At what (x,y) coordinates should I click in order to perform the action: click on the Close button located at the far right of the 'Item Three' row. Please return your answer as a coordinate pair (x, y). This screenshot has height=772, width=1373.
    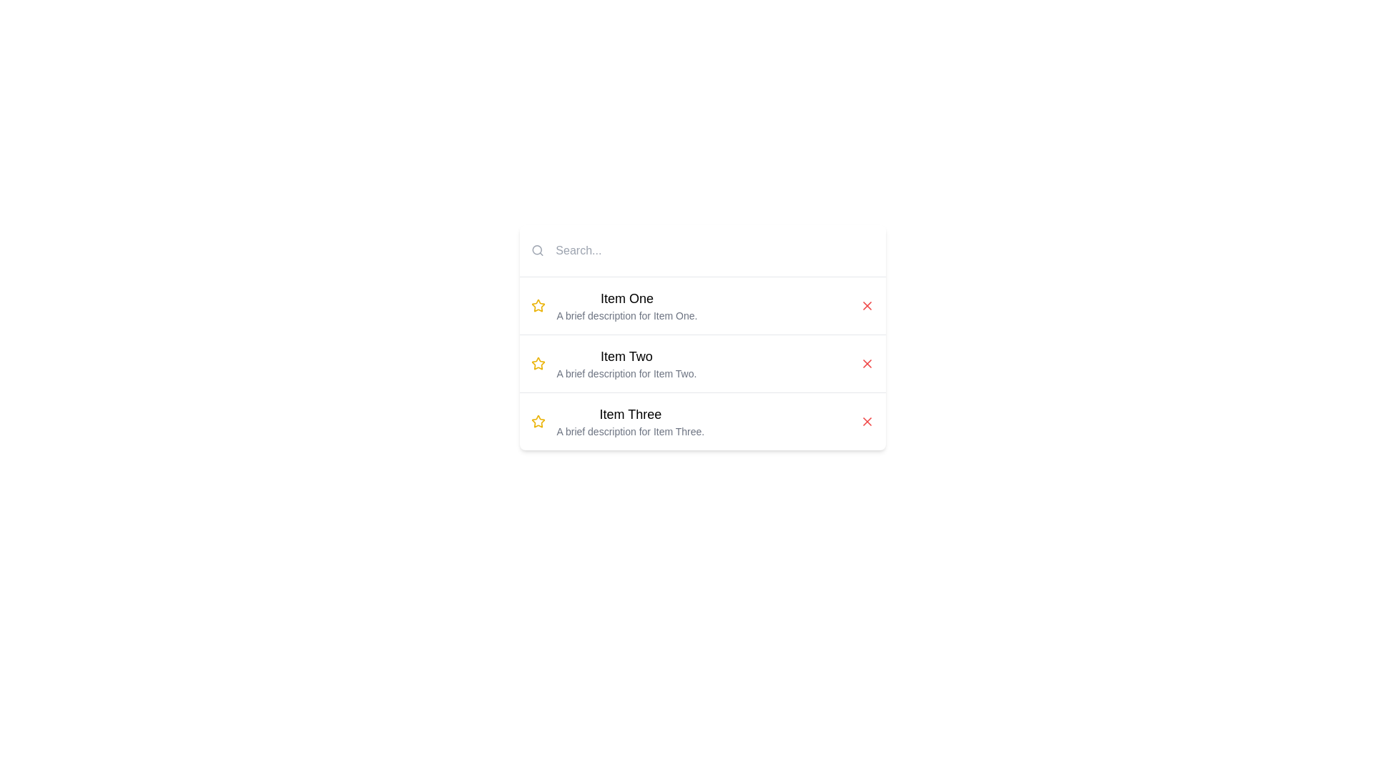
    Looking at the image, I should click on (866, 421).